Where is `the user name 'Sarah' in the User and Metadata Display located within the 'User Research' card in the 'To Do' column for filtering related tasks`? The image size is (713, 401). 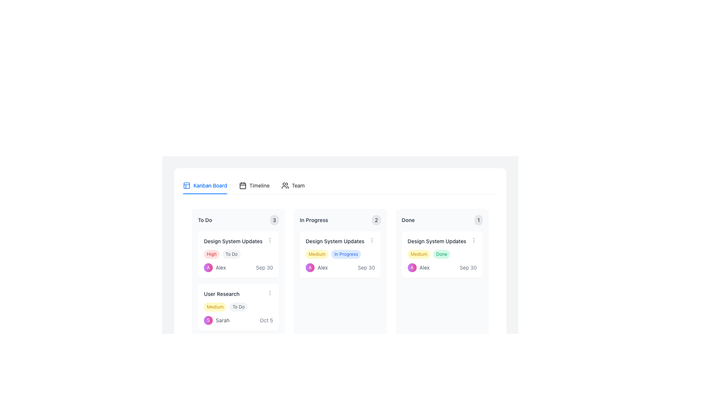
the user name 'Sarah' in the User and Metadata Display located within the 'User Research' card in the 'To Do' column for filtering related tasks is located at coordinates (238, 320).